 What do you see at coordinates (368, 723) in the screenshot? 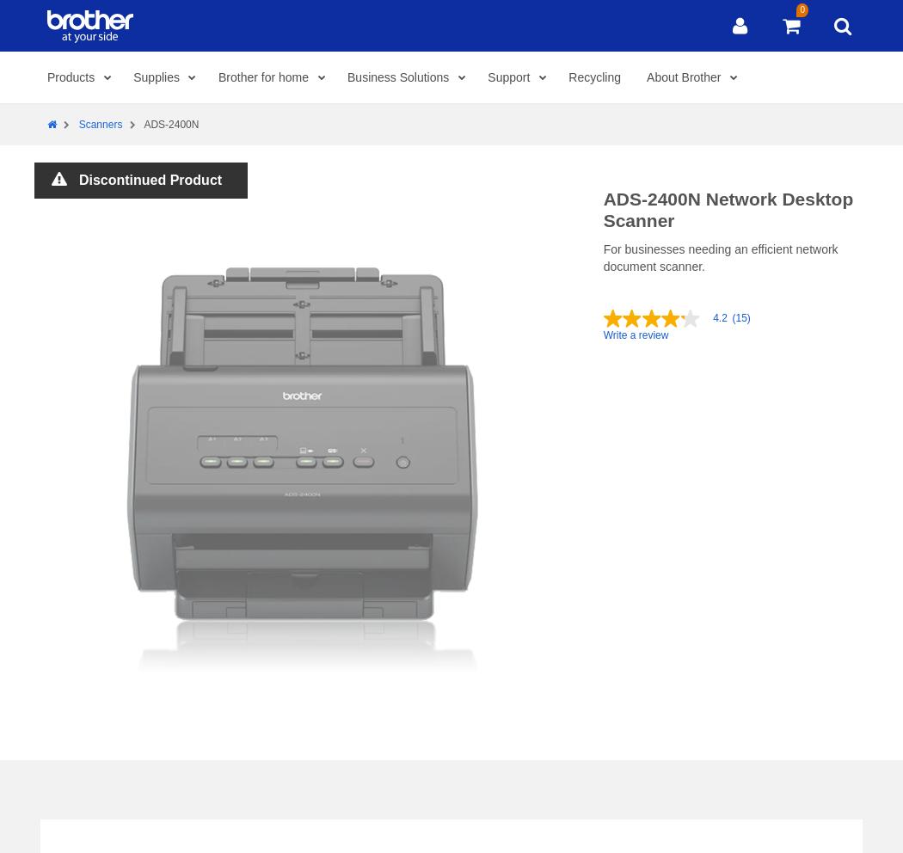
I see `'1'` at bounding box center [368, 723].